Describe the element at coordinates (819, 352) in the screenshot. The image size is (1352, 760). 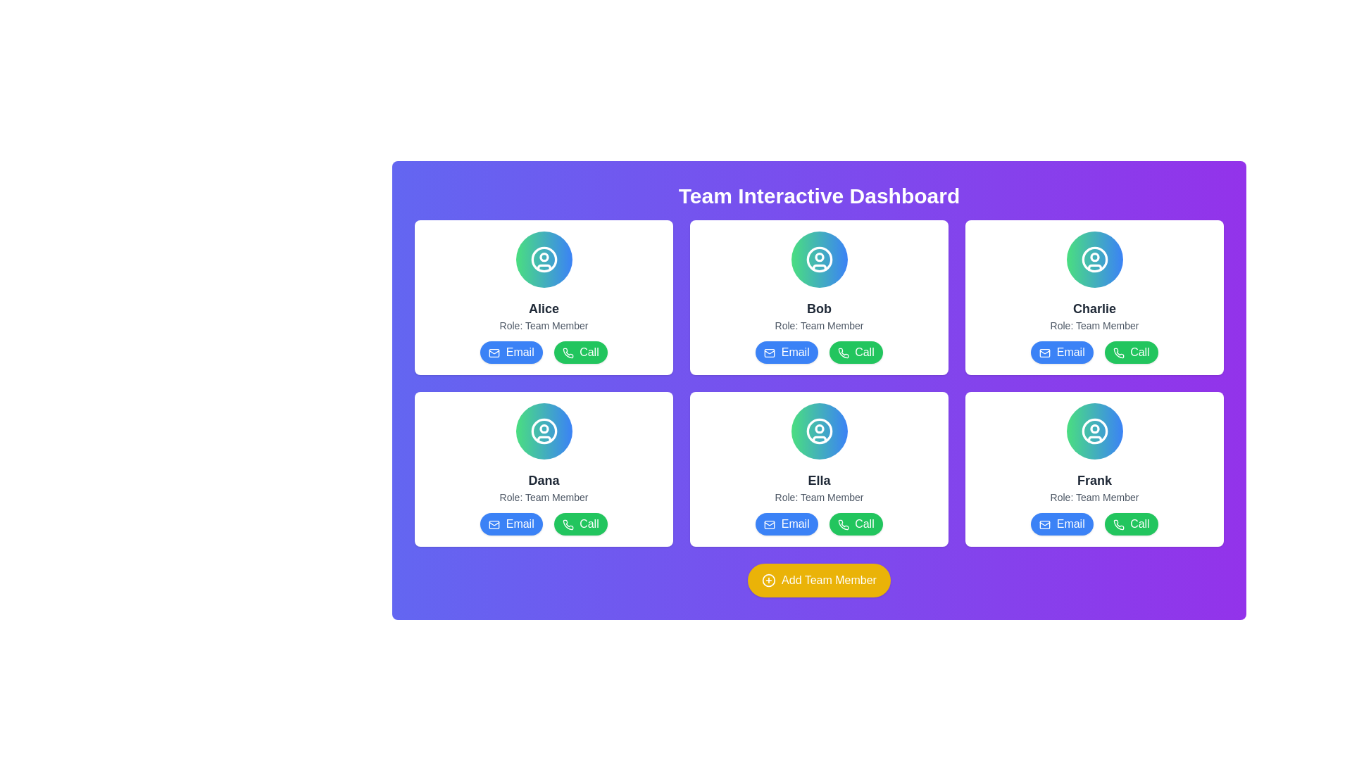
I see `the 'Call' button, which is styled with a green background and white text, located in the card for 'Bob,' a Team Member` at that location.